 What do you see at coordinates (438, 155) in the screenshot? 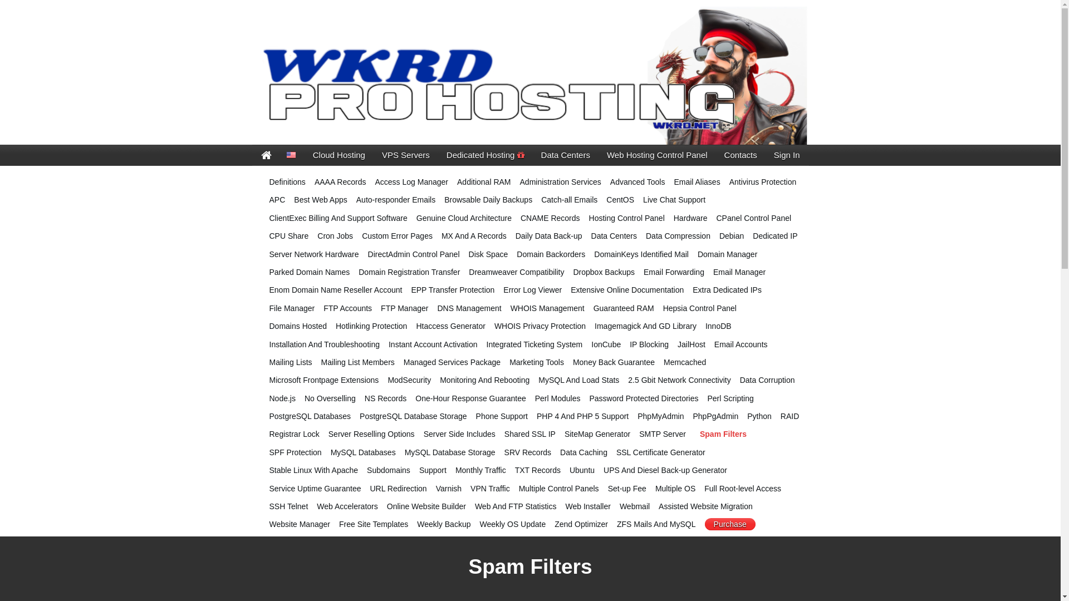
I see `'Dedicated Hosting'` at bounding box center [438, 155].